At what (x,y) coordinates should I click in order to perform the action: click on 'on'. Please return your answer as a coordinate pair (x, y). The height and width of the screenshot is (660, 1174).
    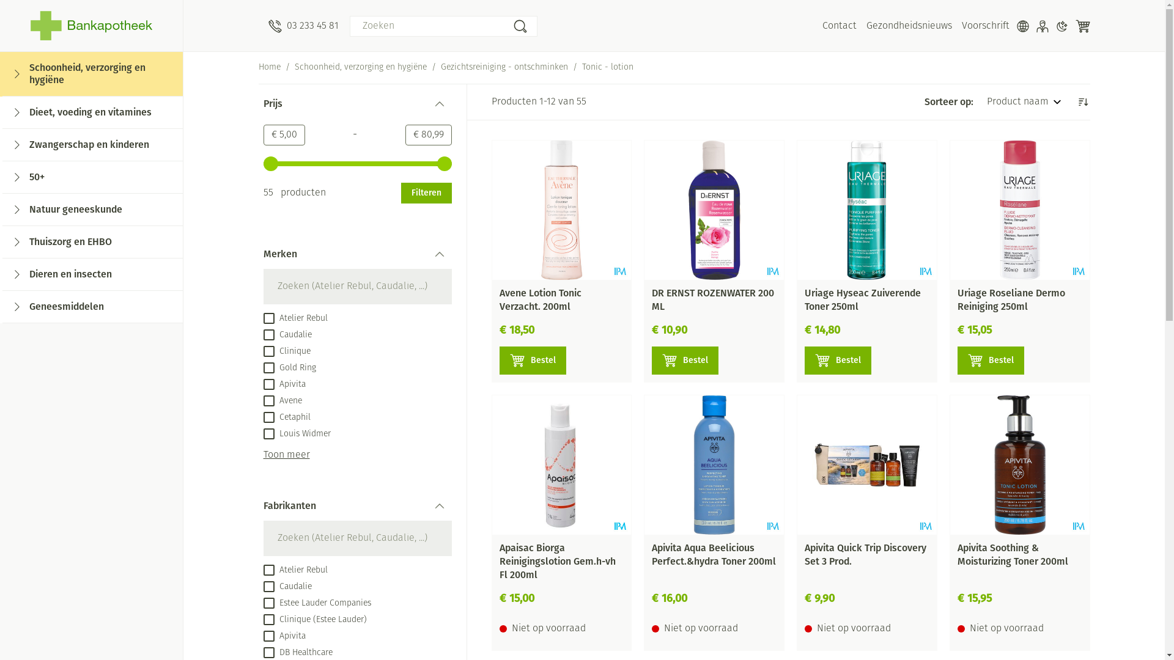
    Looking at the image, I should click on (267, 603).